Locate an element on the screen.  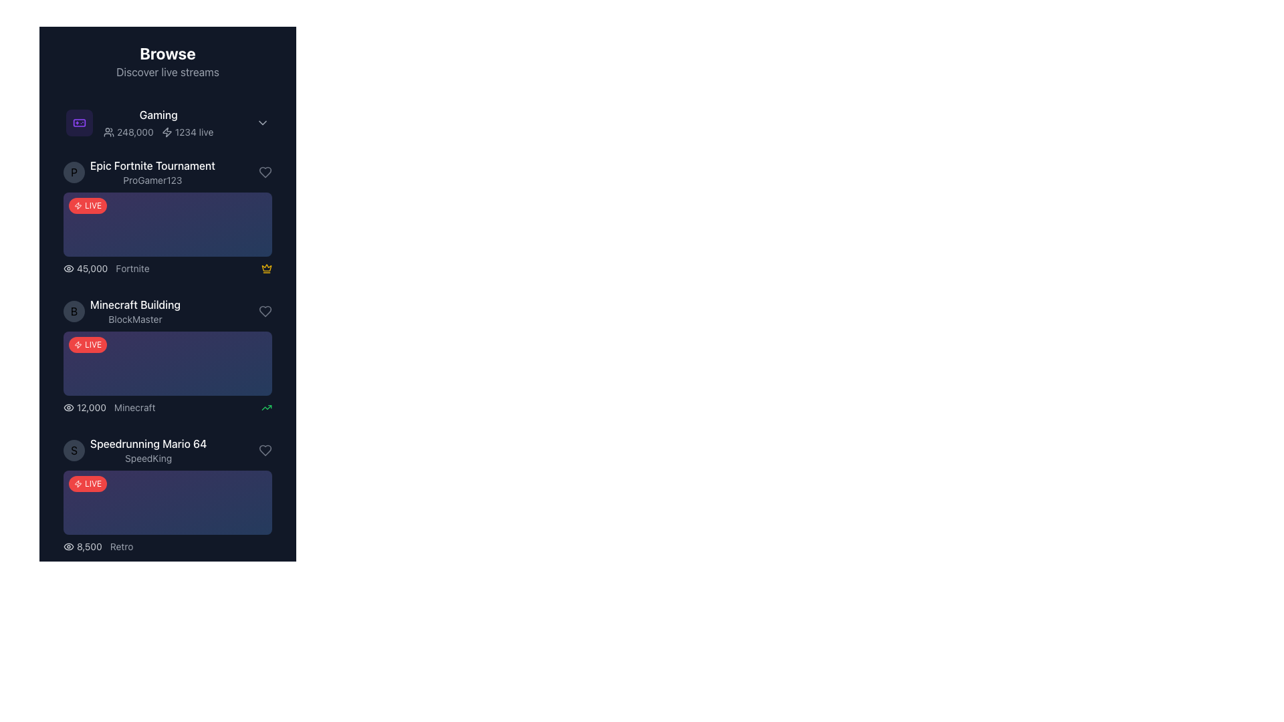
the Text with Icon displaying the numerical value '248,000' located under the 'Gaming' title, which is positioned to the left of the '1234 live' element and has a user icon beside it is located at coordinates (128, 132).